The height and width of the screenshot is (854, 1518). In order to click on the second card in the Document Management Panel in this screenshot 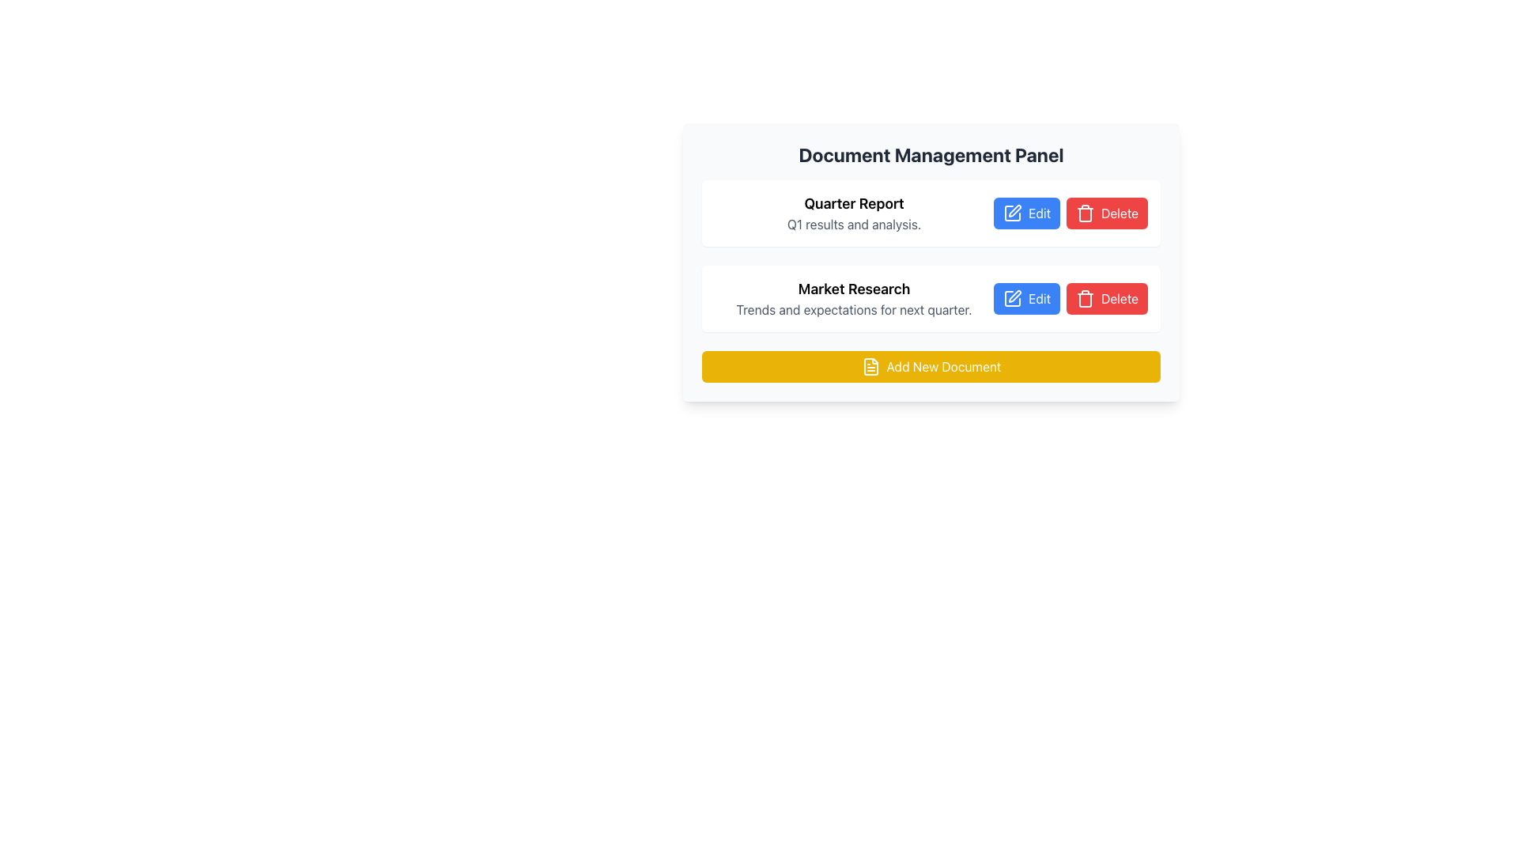, I will do `click(931, 280)`.